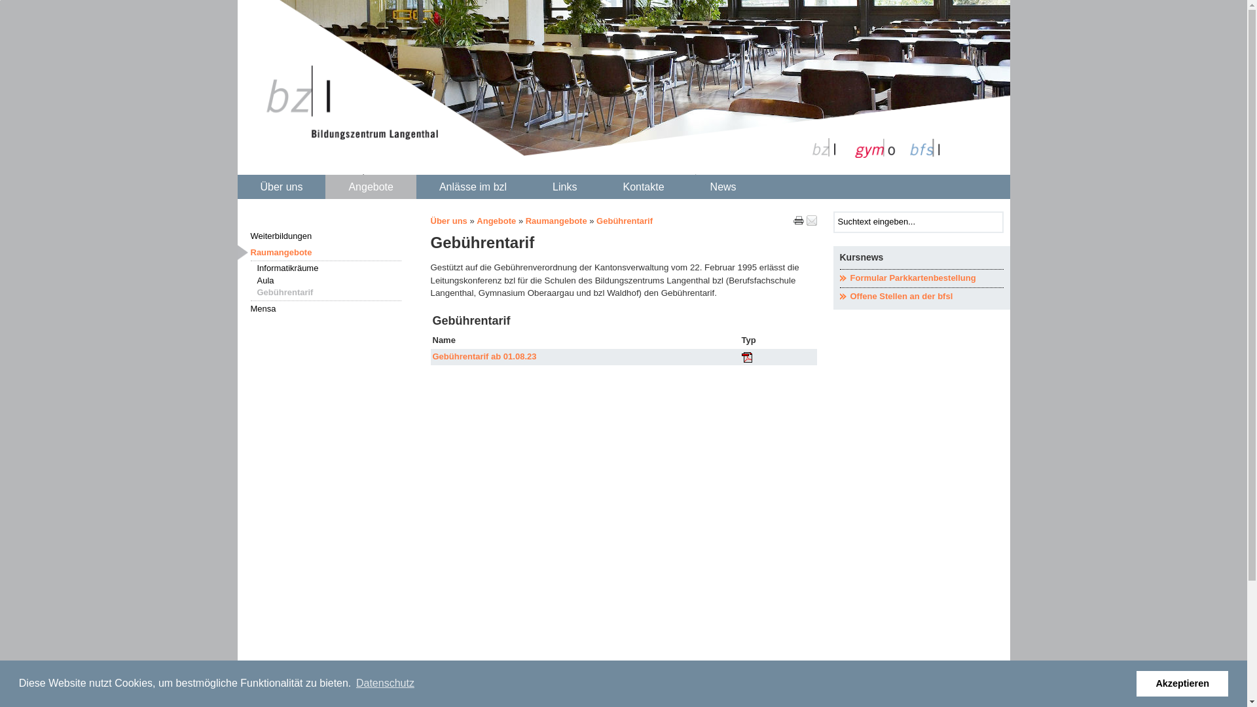  Describe the element at coordinates (643, 187) in the screenshot. I see `'Kontakte'` at that location.